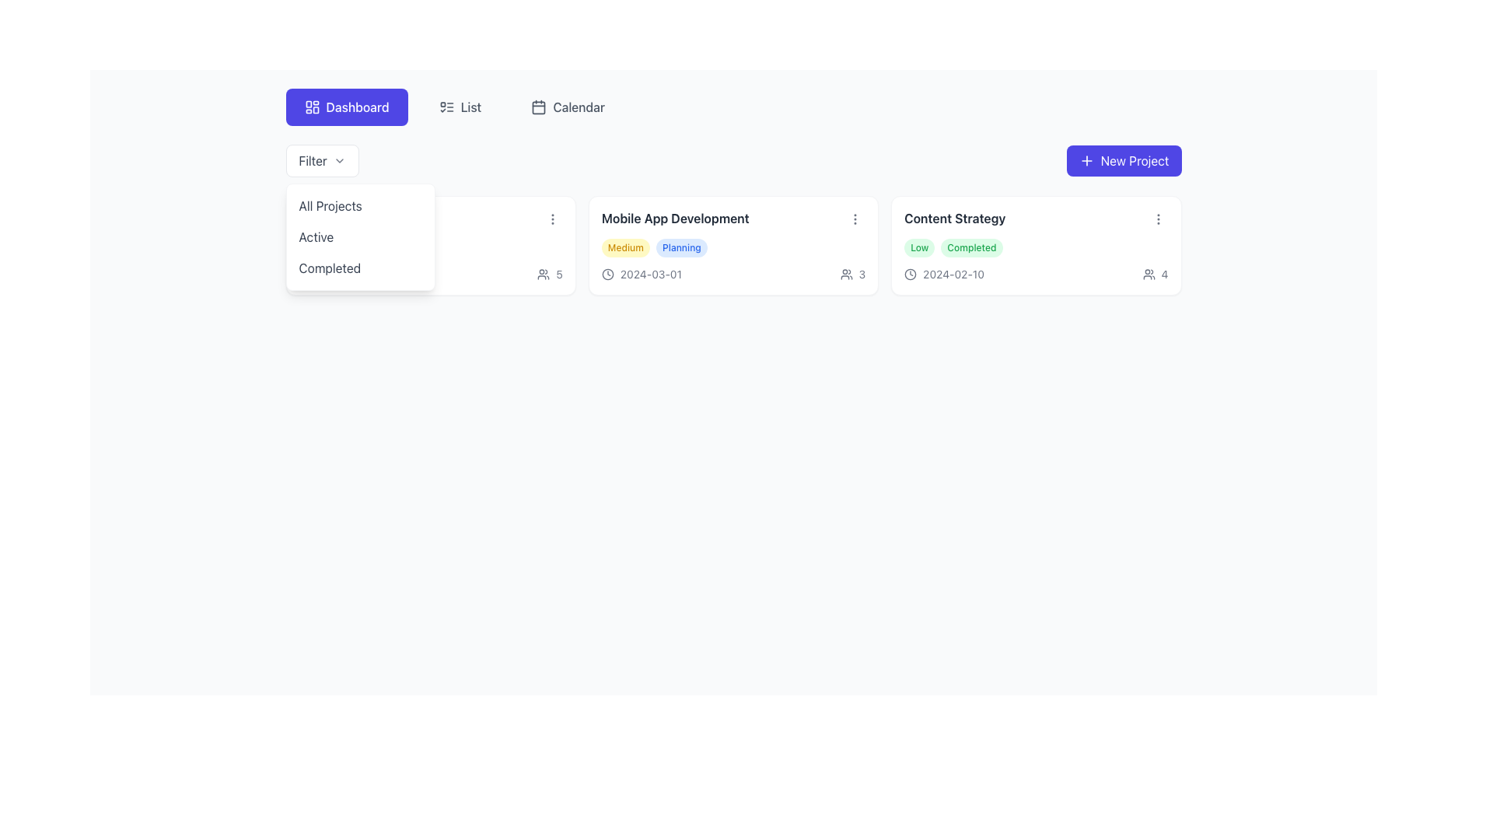 The width and height of the screenshot is (1493, 840). Describe the element at coordinates (911, 274) in the screenshot. I see `the SVG circle element that represents the outer ring of the clock symbol, located to the left of the date text within the 'Content Strategy' card` at that location.